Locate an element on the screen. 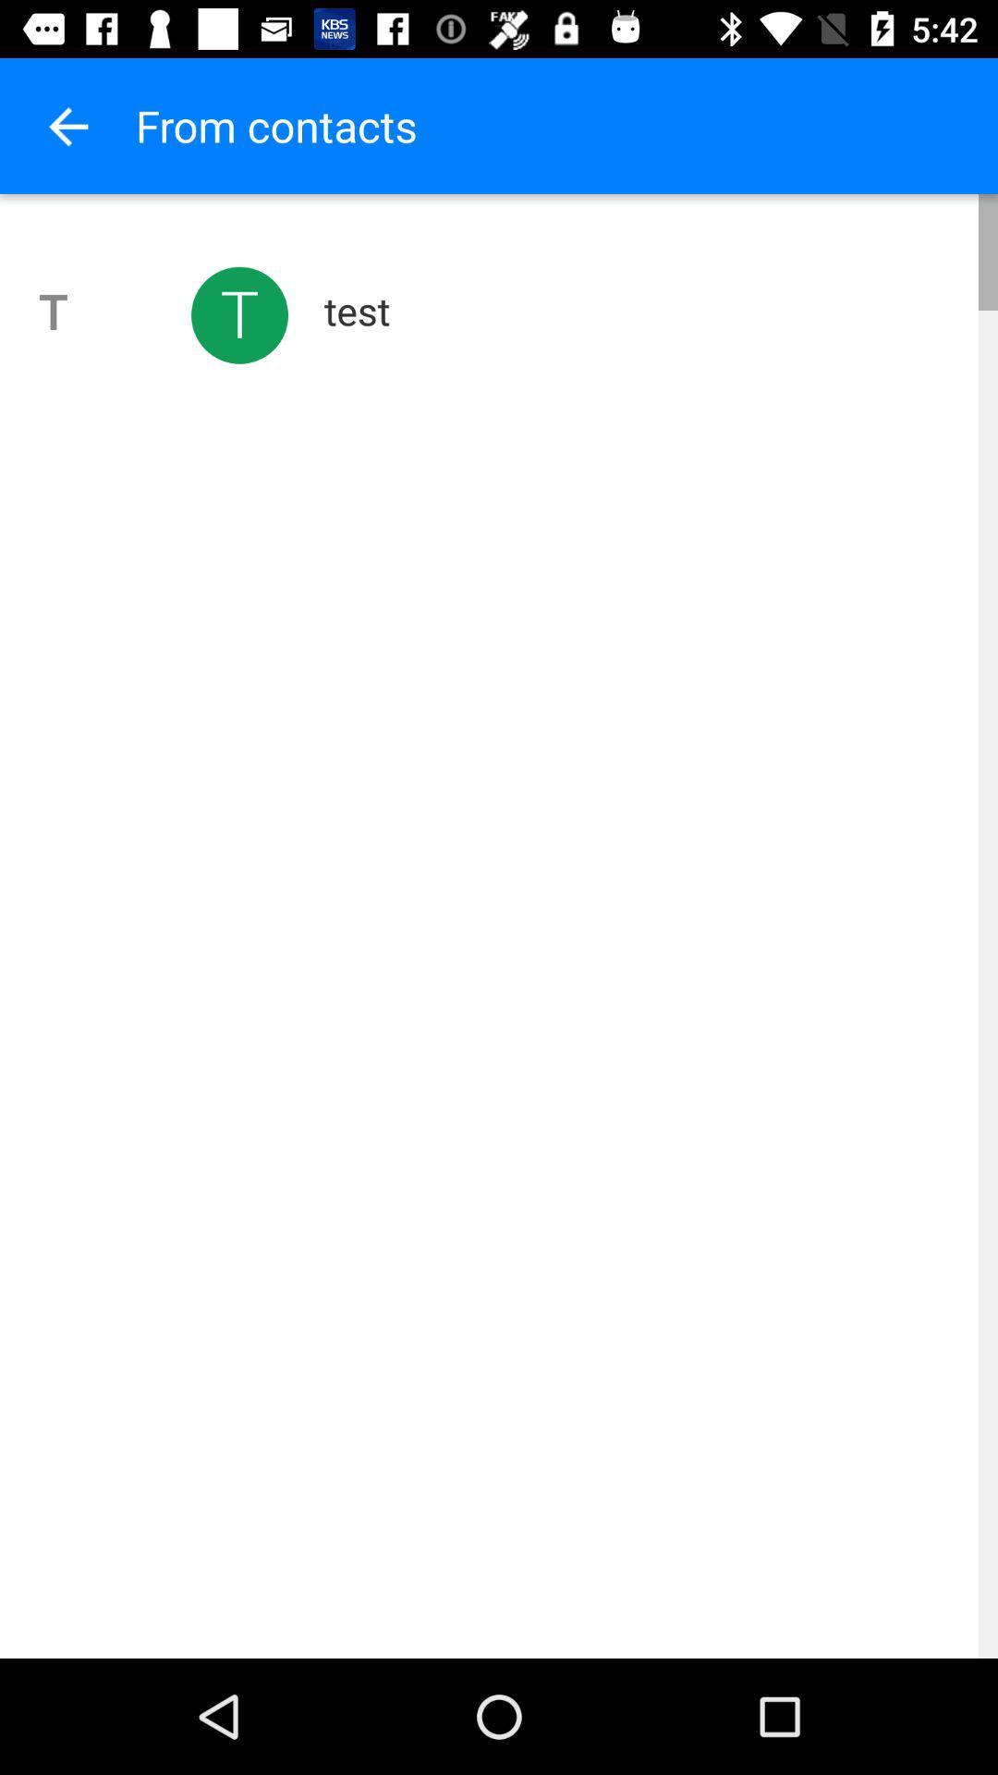 Image resolution: width=998 pixels, height=1775 pixels. the item to the left of the from contacts is located at coordinates (67, 125).